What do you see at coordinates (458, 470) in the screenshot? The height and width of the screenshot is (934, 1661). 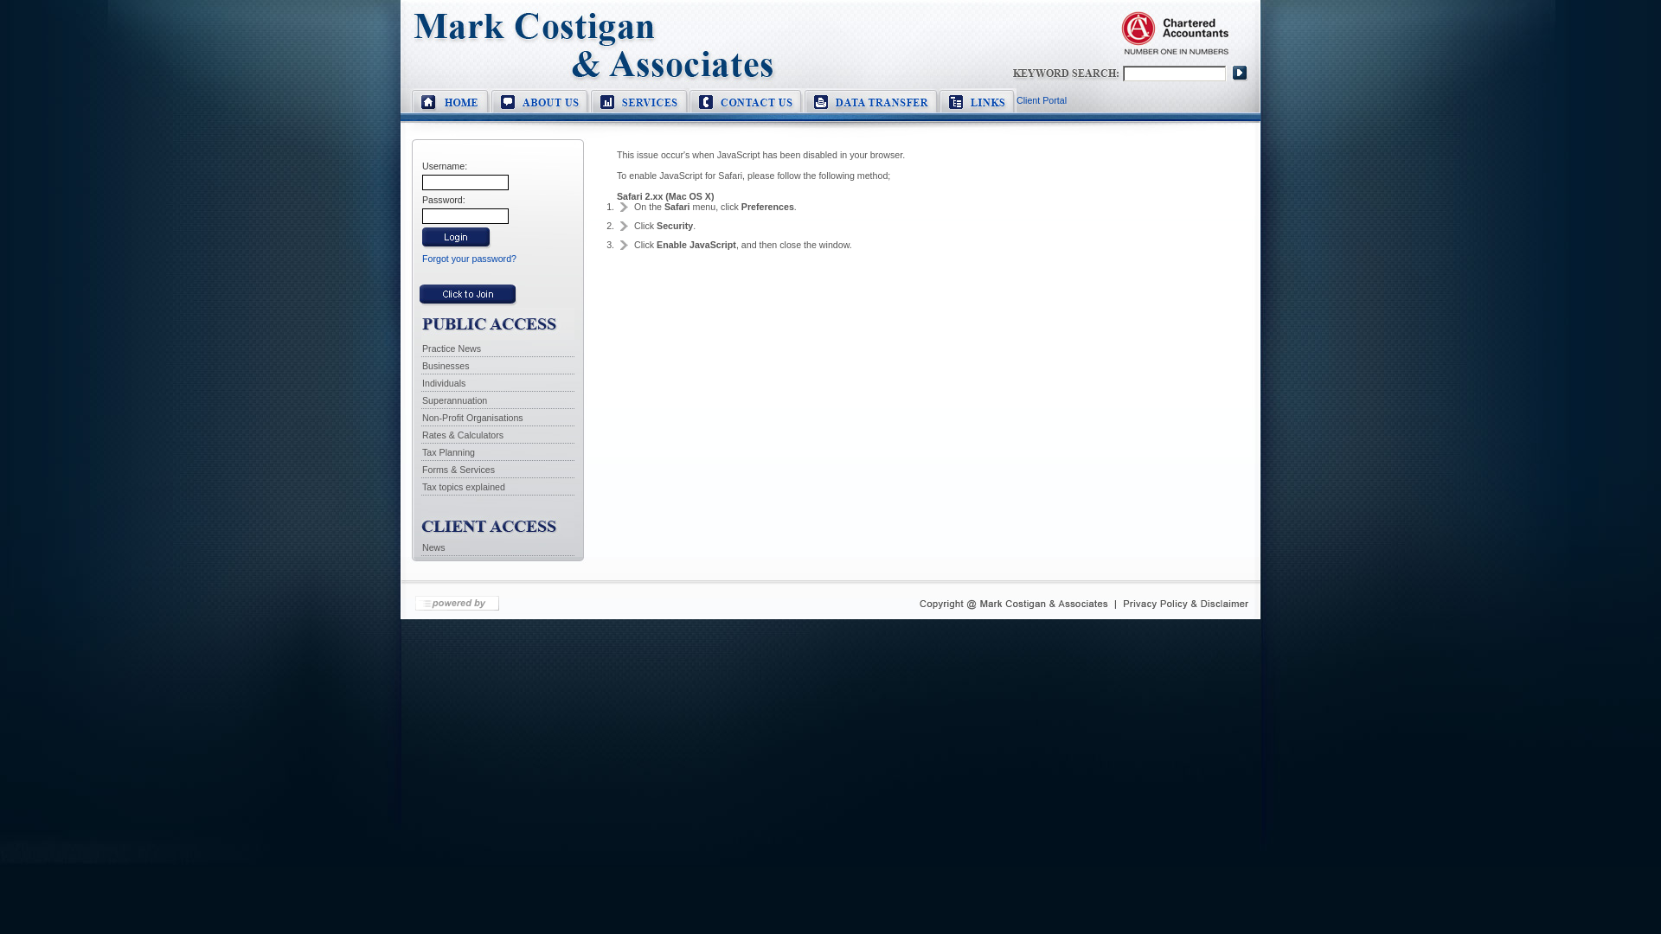 I see `'Forms & Services'` at bounding box center [458, 470].